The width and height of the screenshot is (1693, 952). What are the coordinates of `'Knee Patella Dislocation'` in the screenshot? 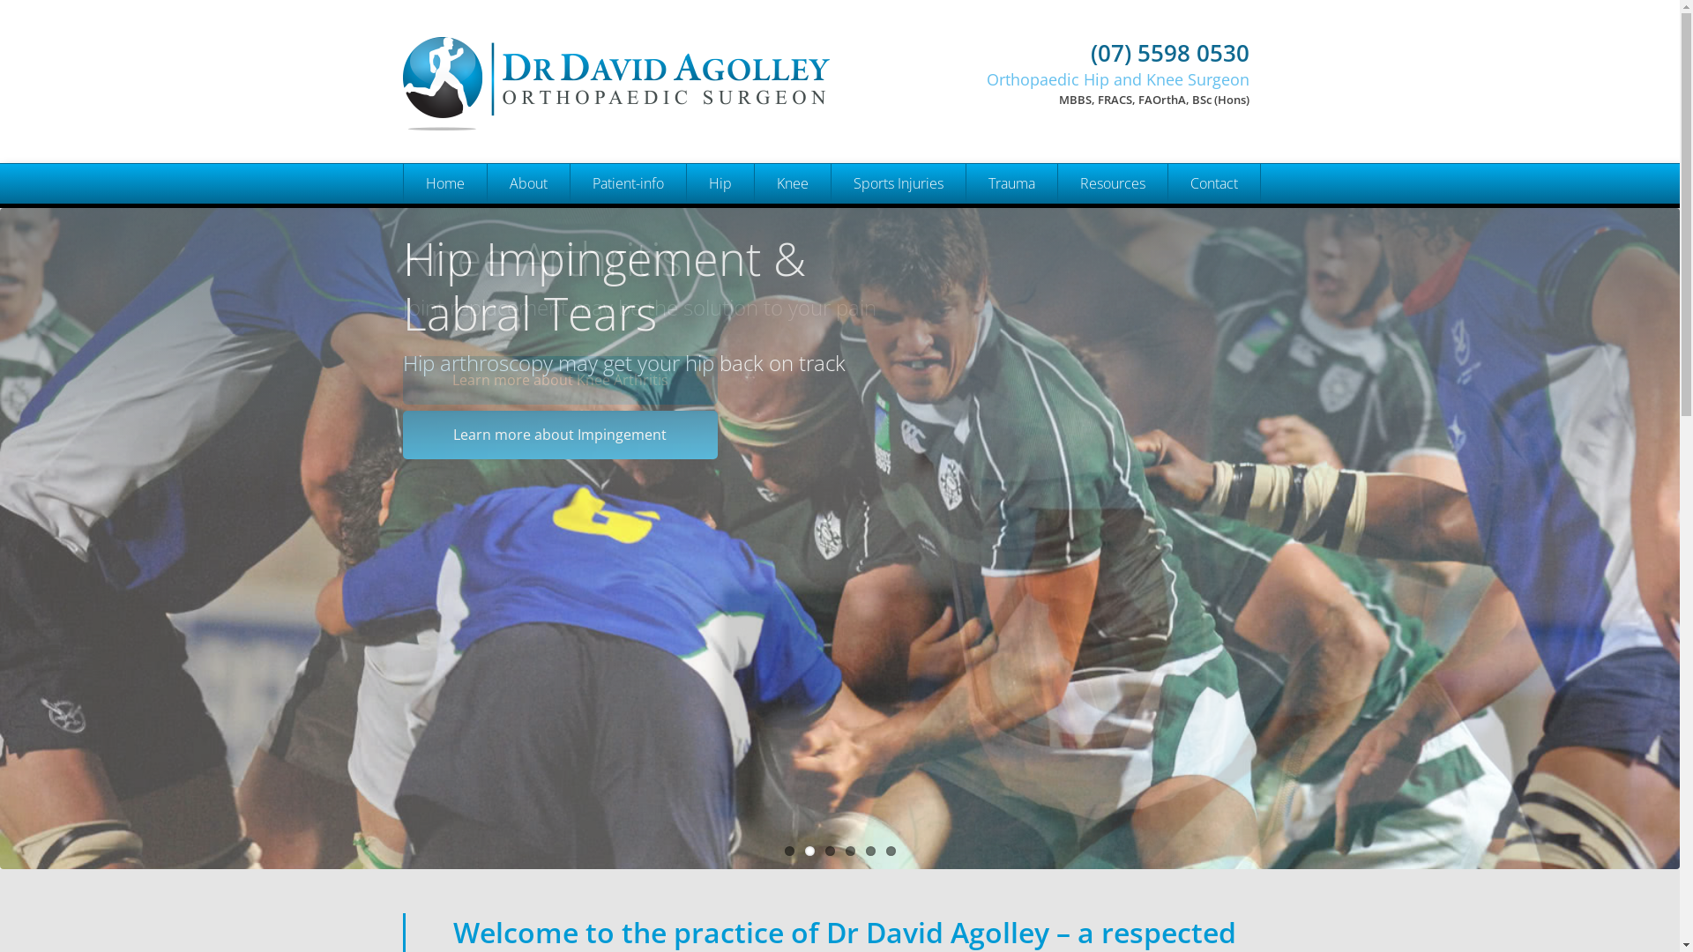 It's located at (898, 460).